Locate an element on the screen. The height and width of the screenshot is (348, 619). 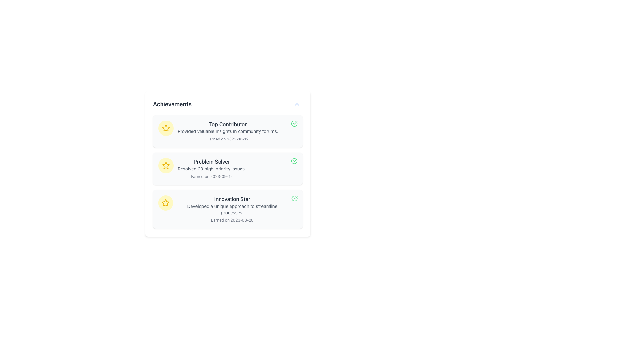
the 'Innovation Star' achievement icon, which is located at the leftmost side of the third entry in the achievements list is located at coordinates (166, 202).